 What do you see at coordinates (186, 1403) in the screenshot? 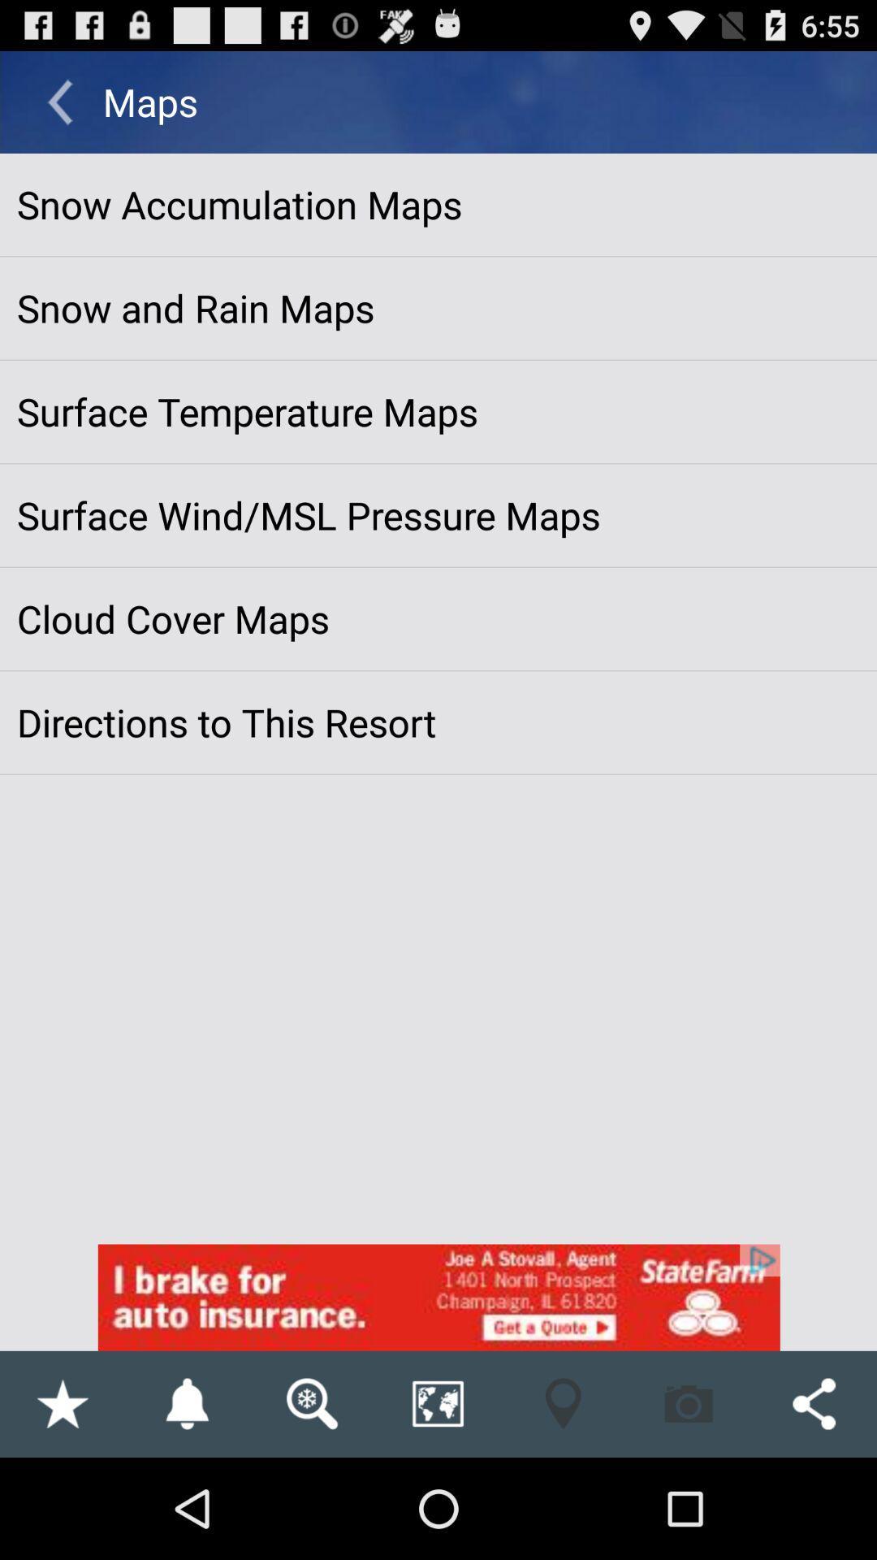
I see `show notifications` at bounding box center [186, 1403].